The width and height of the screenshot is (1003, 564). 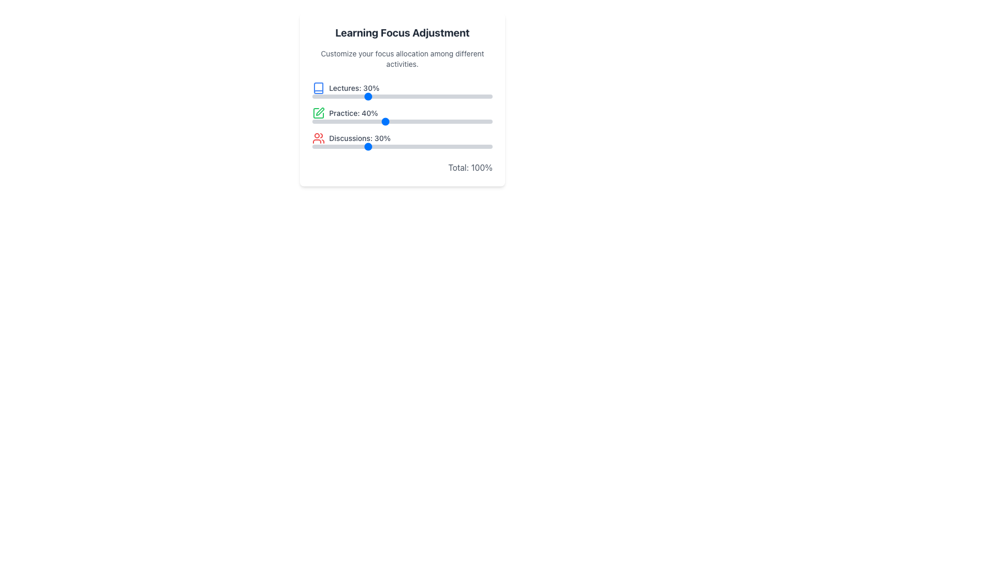 I want to click on the small green pen icon in the interface, located near the label 'Practice: 40%, so click(x=320, y=111).